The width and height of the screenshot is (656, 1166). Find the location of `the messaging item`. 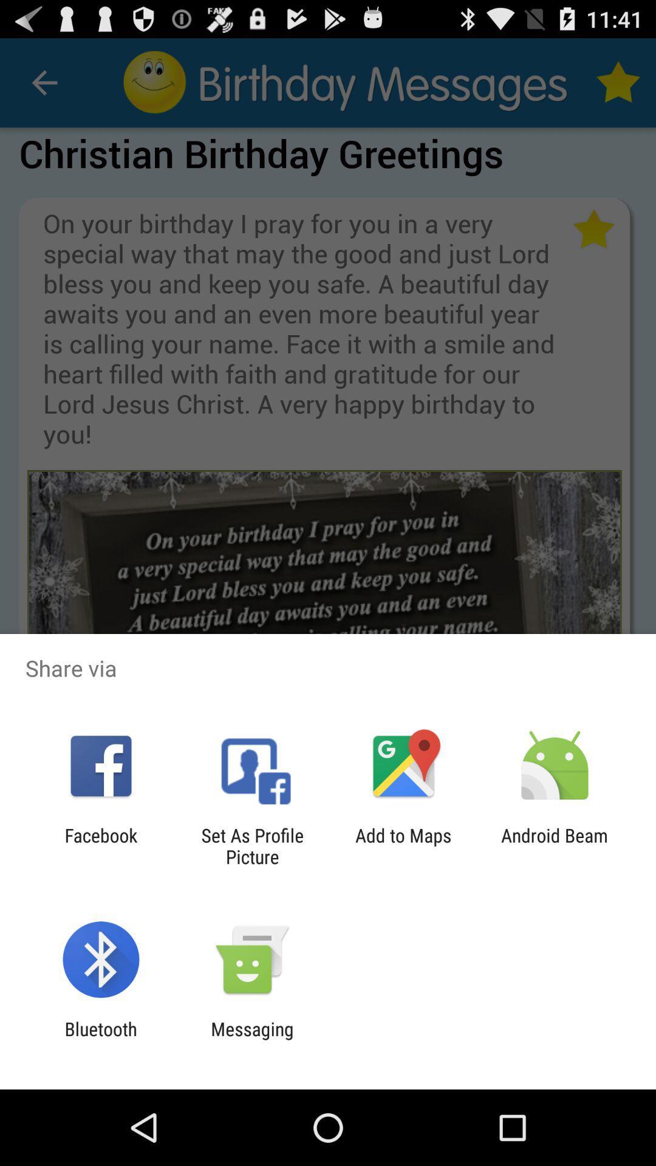

the messaging item is located at coordinates (251, 1039).